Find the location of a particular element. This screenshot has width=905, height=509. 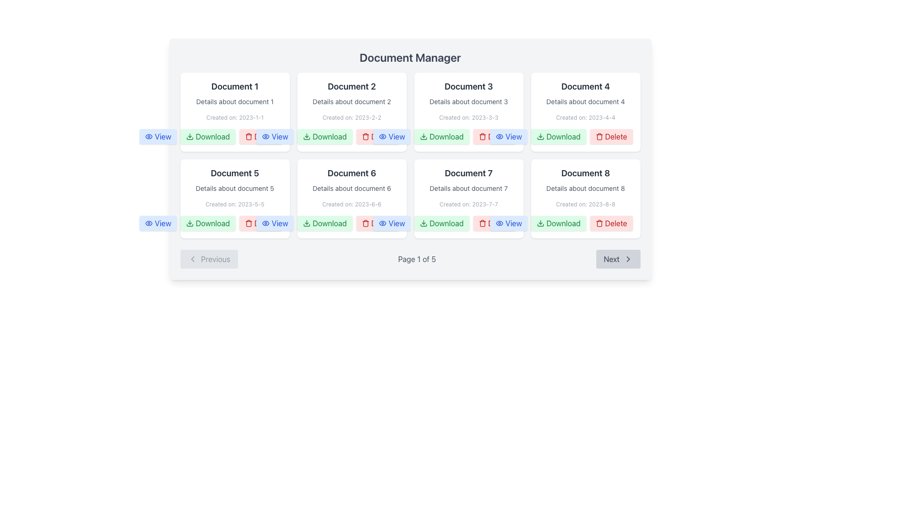

the green 'Download' button located in the middle of the three-button group beneath 'Document 3' in the 'Document Manager' interface to initiate a download is located at coordinates (441, 136).